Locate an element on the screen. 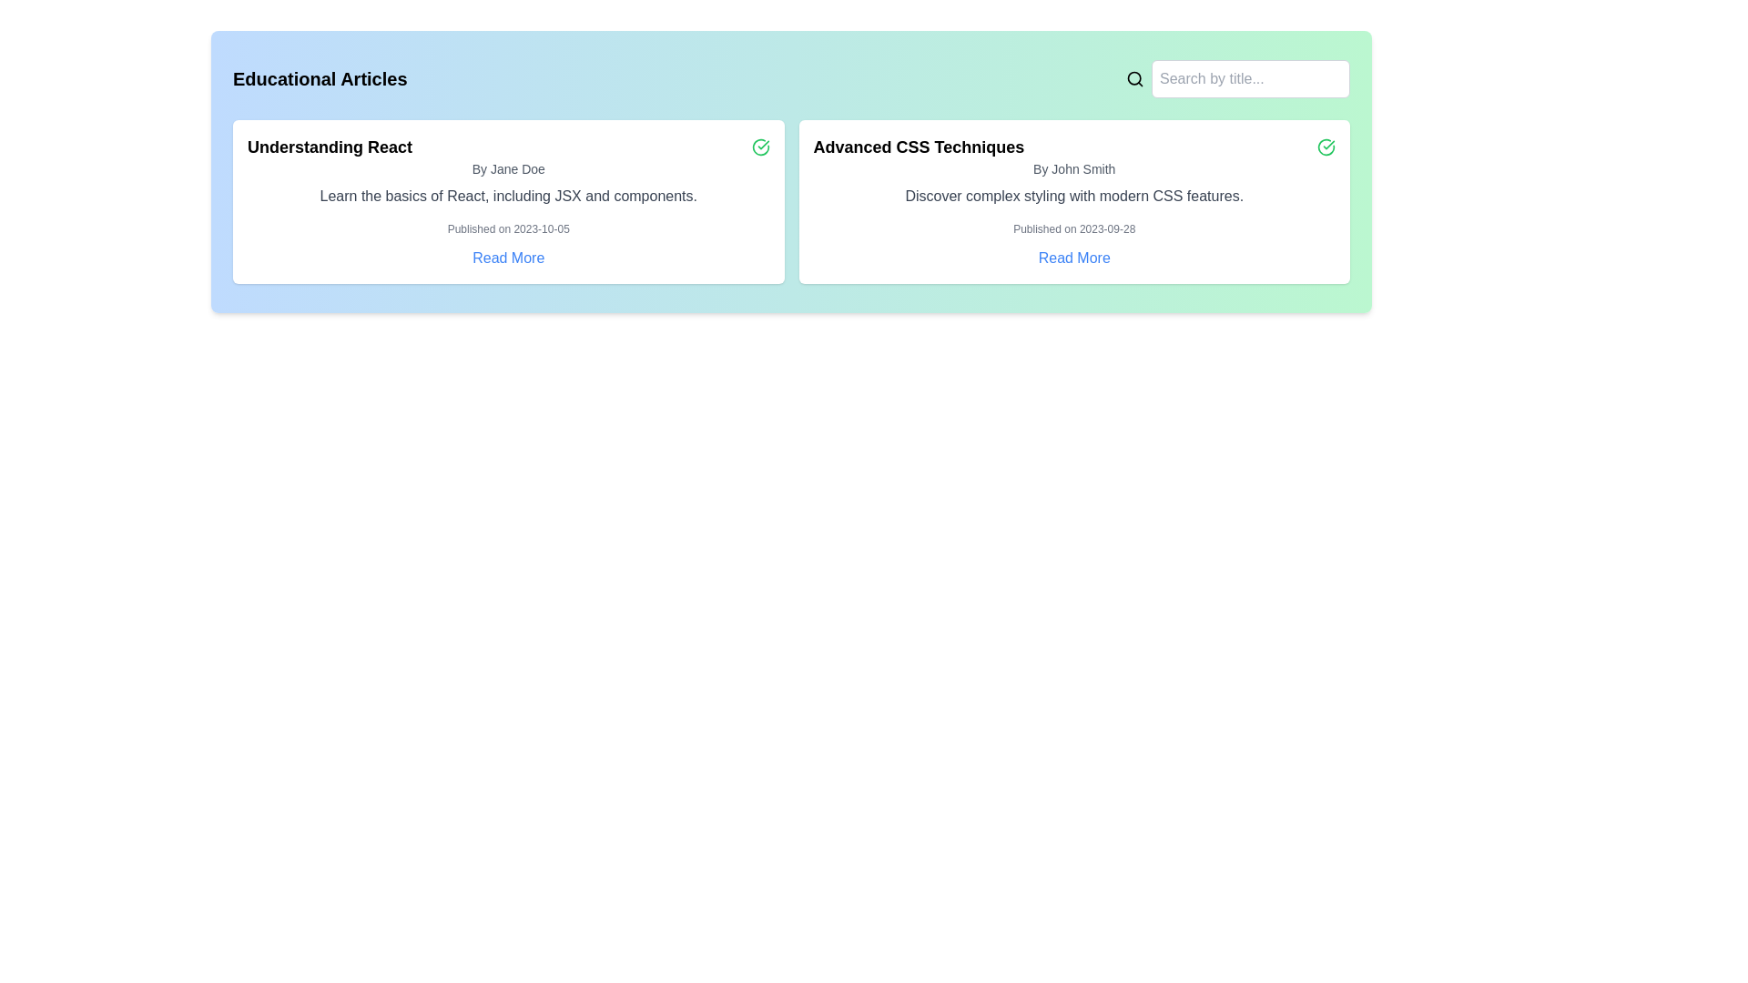  the Static Text element that provides a brief description or summary of the article's content, located in the second column of a two-column grid, below the author's name and above the publication date is located at coordinates (1074, 197).